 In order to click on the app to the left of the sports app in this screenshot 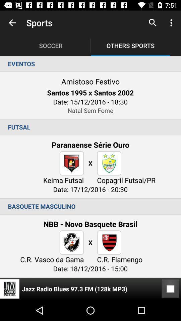, I will do `click(12, 23)`.